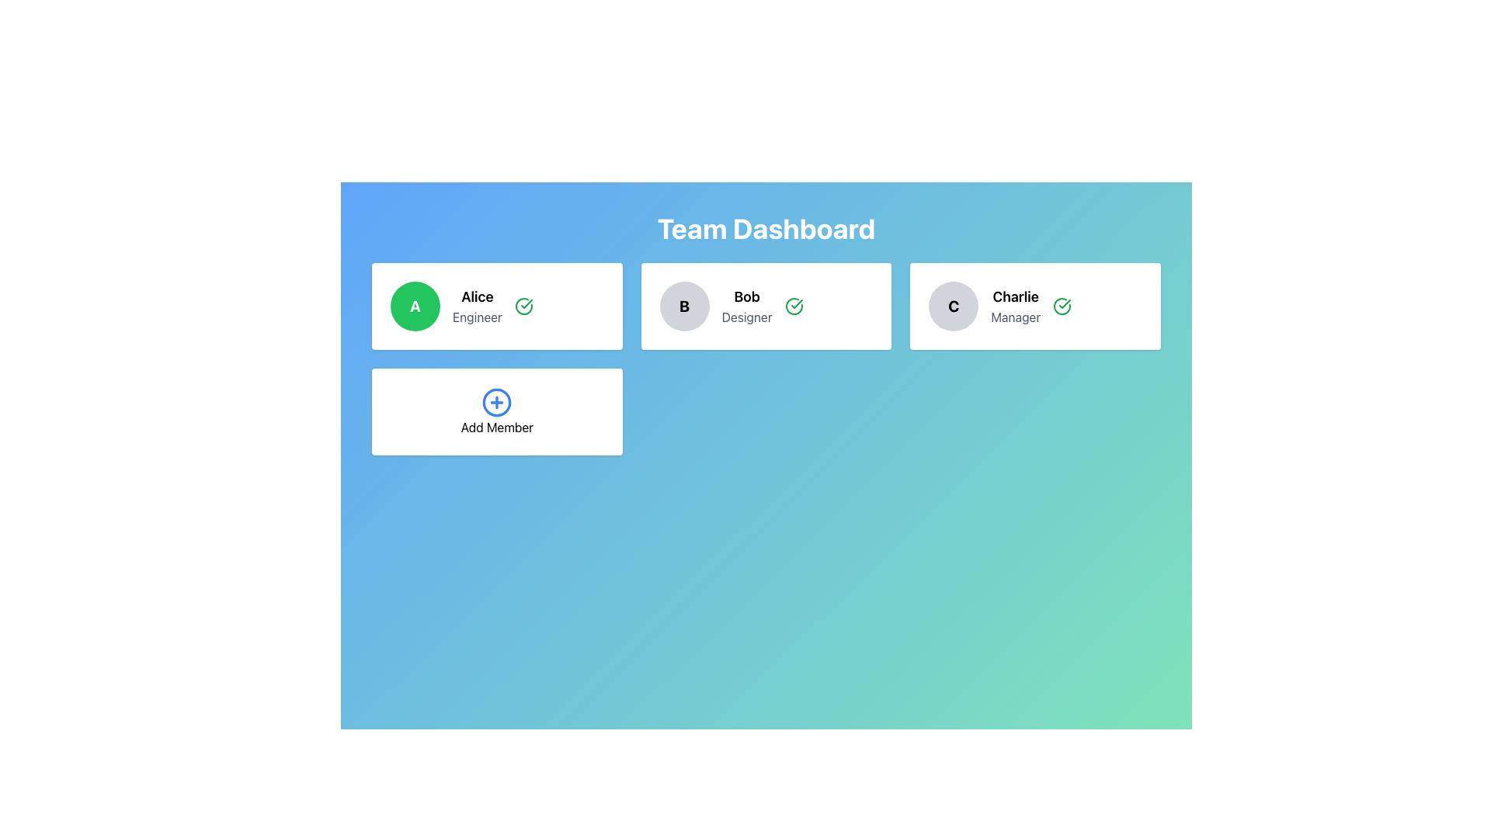  What do you see at coordinates (747, 306) in the screenshot?
I see `the text displaying the user's name and title information located in the second card from the left in the top row of the grid, positioned beneath a circular badge with the letter 'B' and above a green checkmark icon` at bounding box center [747, 306].